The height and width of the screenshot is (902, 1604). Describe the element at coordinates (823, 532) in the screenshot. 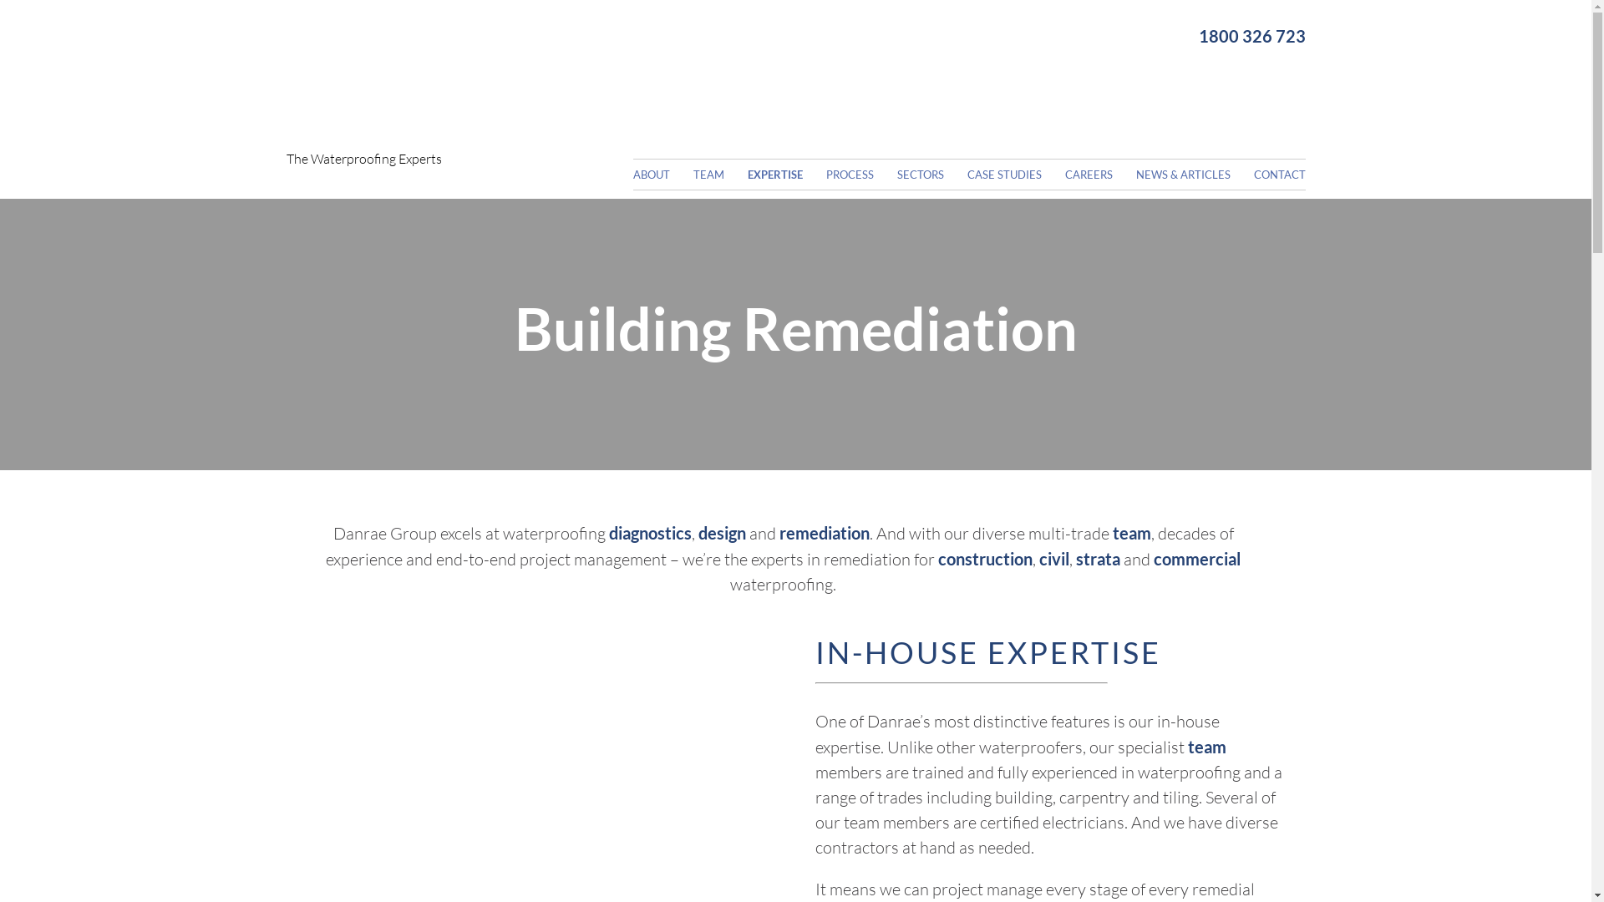

I see `'remediation'` at that location.